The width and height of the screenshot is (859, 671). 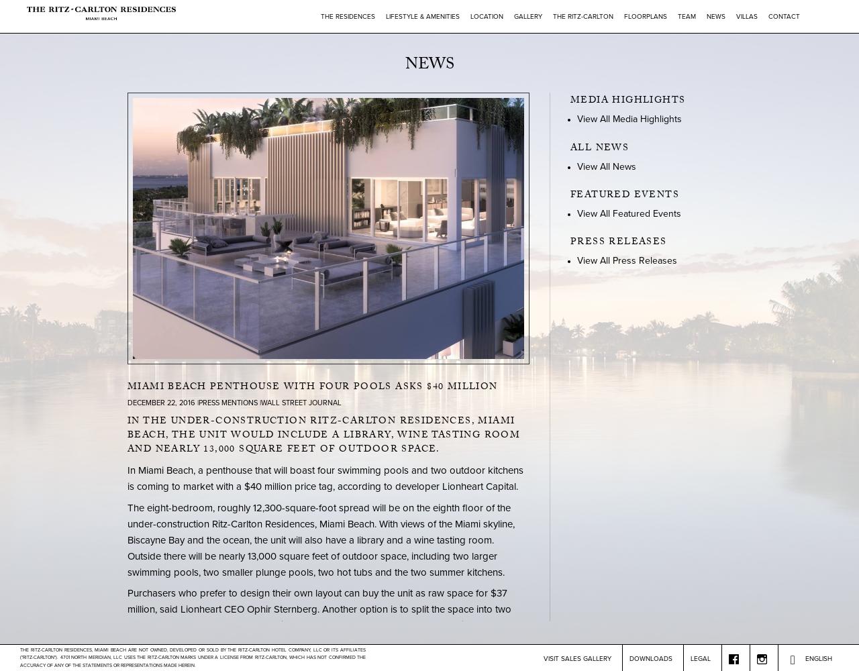 What do you see at coordinates (583, 17) in the screenshot?
I see `'The Ritz-Carlton'` at bounding box center [583, 17].